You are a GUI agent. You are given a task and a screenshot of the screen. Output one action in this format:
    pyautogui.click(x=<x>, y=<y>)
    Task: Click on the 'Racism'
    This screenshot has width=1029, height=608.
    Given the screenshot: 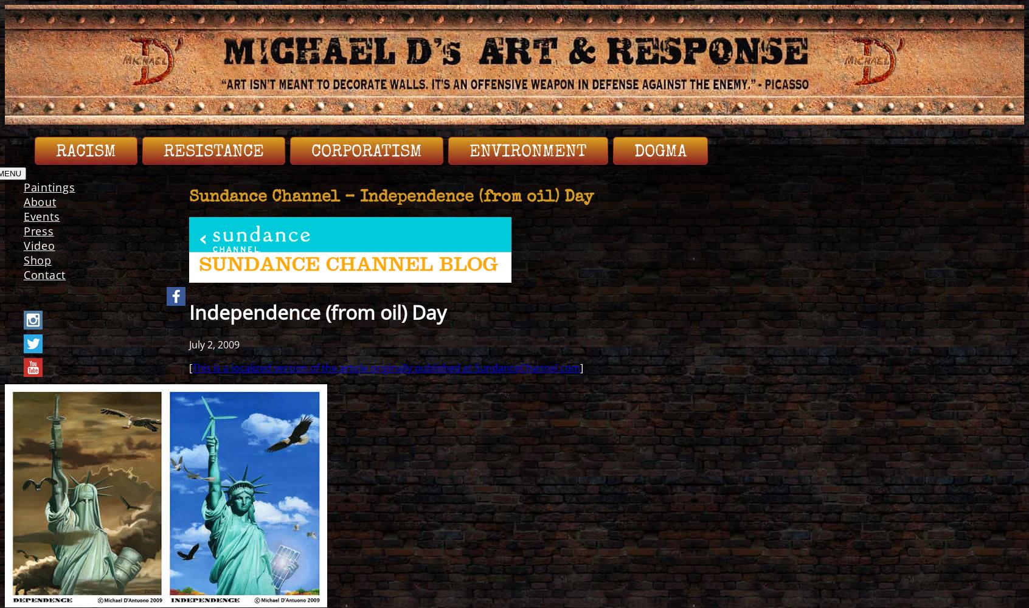 What is the action you would take?
    pyautogui.click(x=85, y=153)
    